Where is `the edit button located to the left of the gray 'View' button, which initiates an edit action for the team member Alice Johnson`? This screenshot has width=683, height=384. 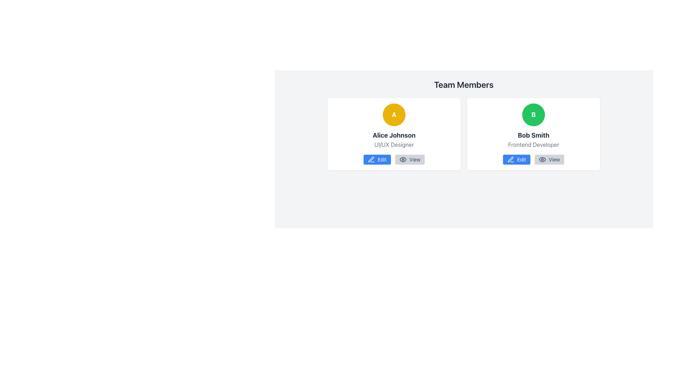 the edit button located to the left of the gray 'View' button, which initiates an edit action for the team member Alice Johnson is located at coordinates (377, 159).